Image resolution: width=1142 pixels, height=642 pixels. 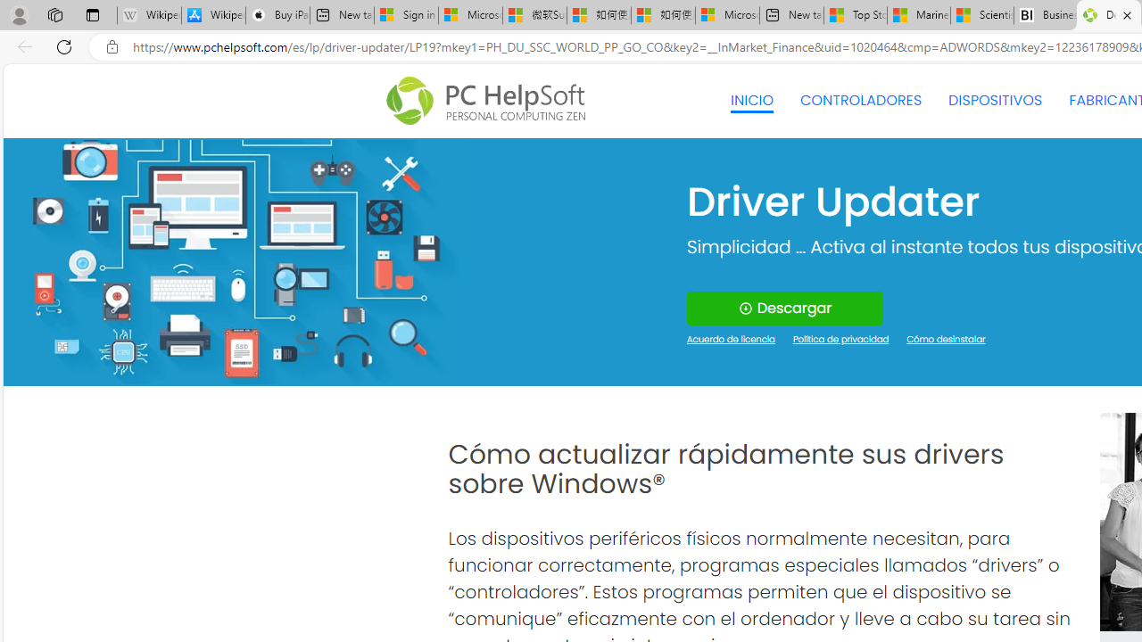 I want to click on 'Generic', so click(x=234, y=261).